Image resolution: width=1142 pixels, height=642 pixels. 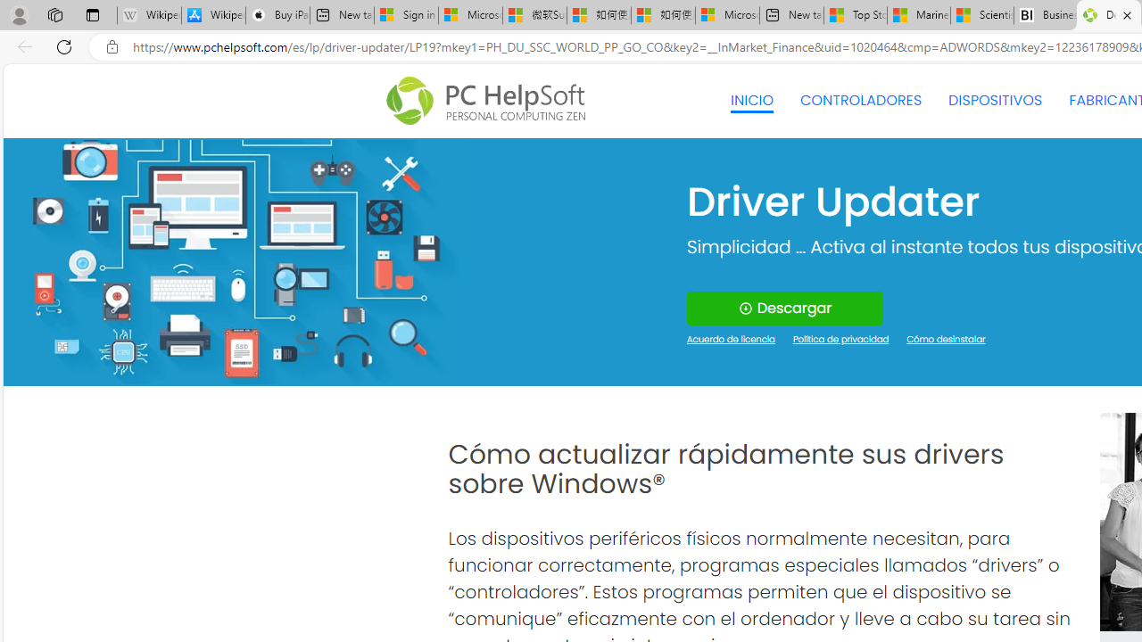 I want to click on 'Generic', so click(x=234, y=261).